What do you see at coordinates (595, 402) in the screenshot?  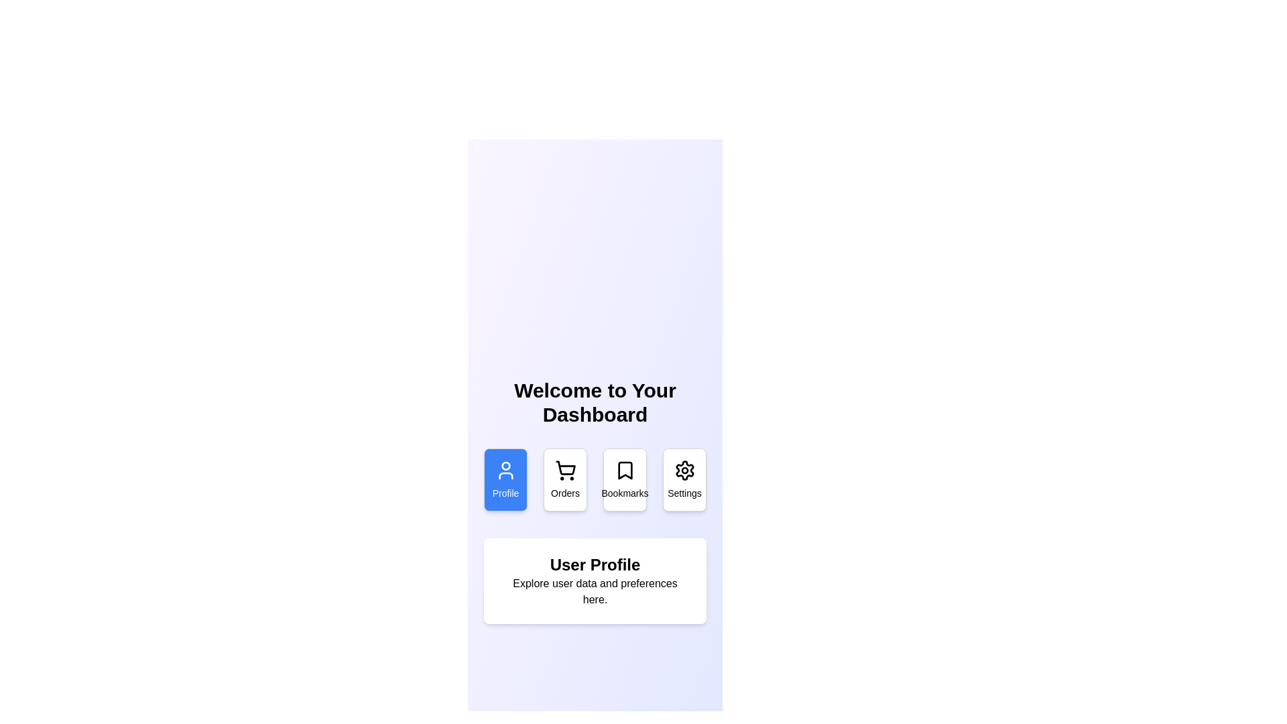 I see `the text header 'Welcome to Your Dashboard' which is centrally aligned at the top-middle of the interface` at bounding box center [595, 402].